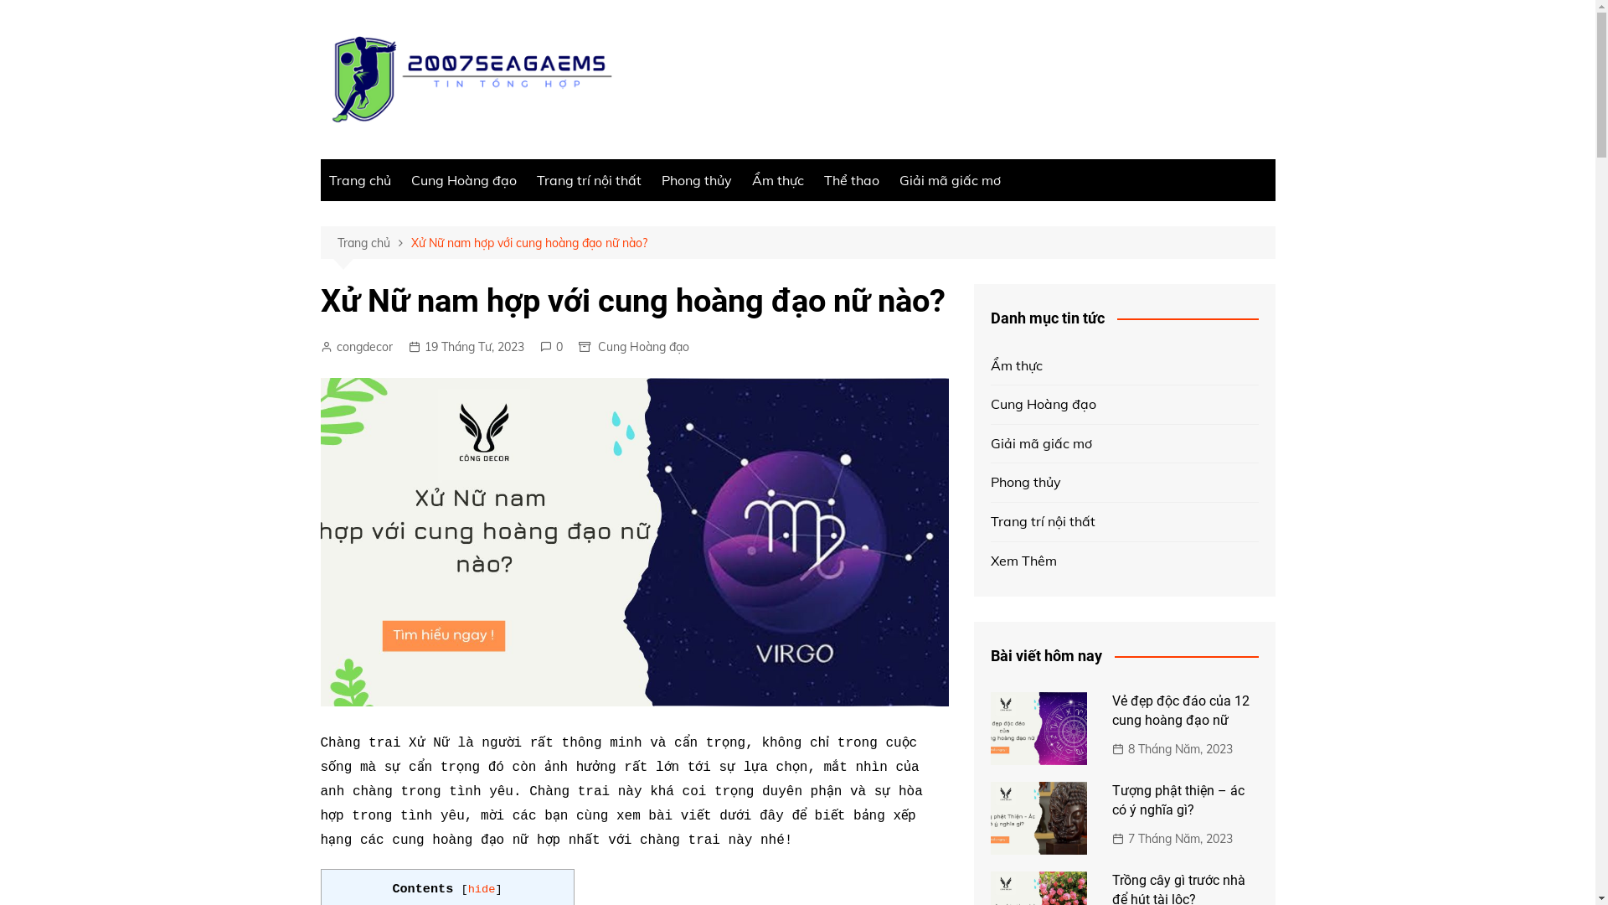 This screenshot has width=1608, height=905. I want to click on '0', so click(539, 345).